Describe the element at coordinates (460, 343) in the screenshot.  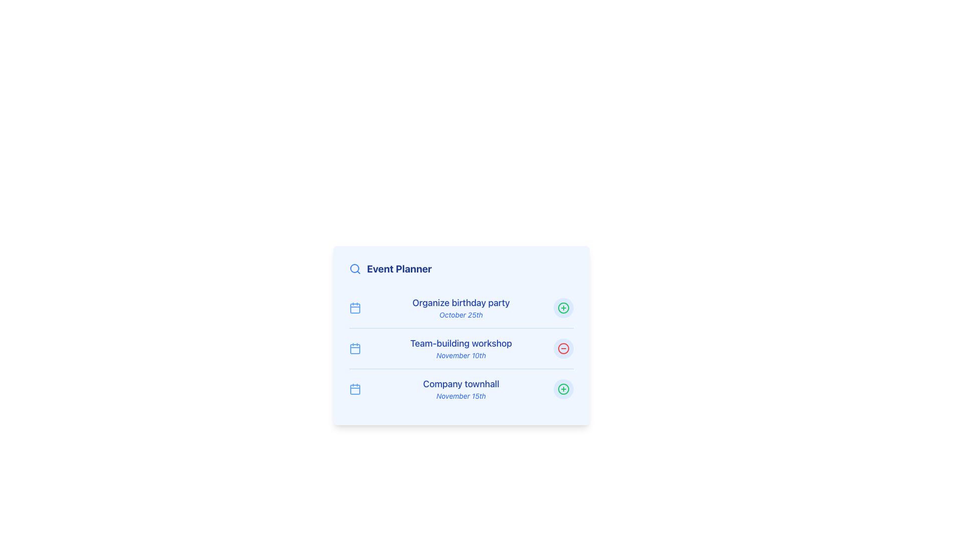
I see `the Text Label representing the title or name of the event in the Event Planner interface for accessibility tools` at that location.